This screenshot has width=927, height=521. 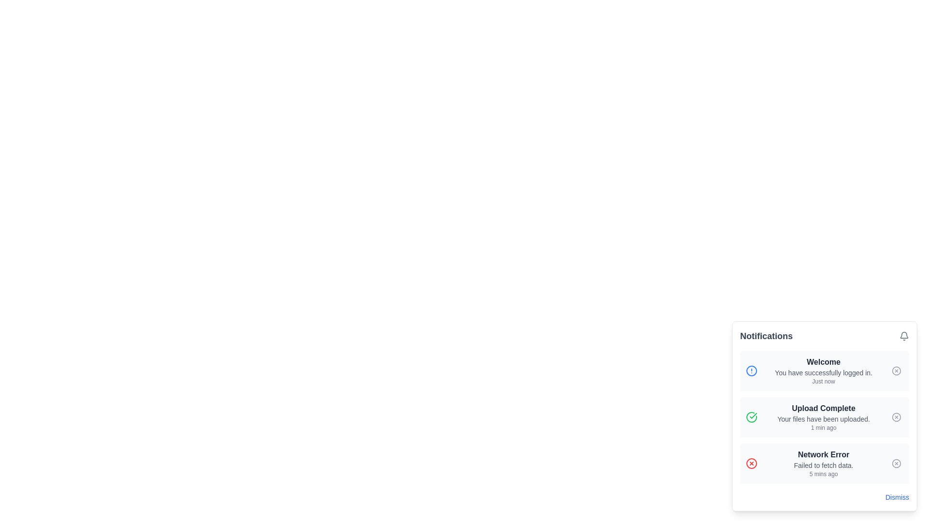 I want to click on the dismiss button on the far-right edge of the 'Upload Complete' notification, so click(x=896, y=416).